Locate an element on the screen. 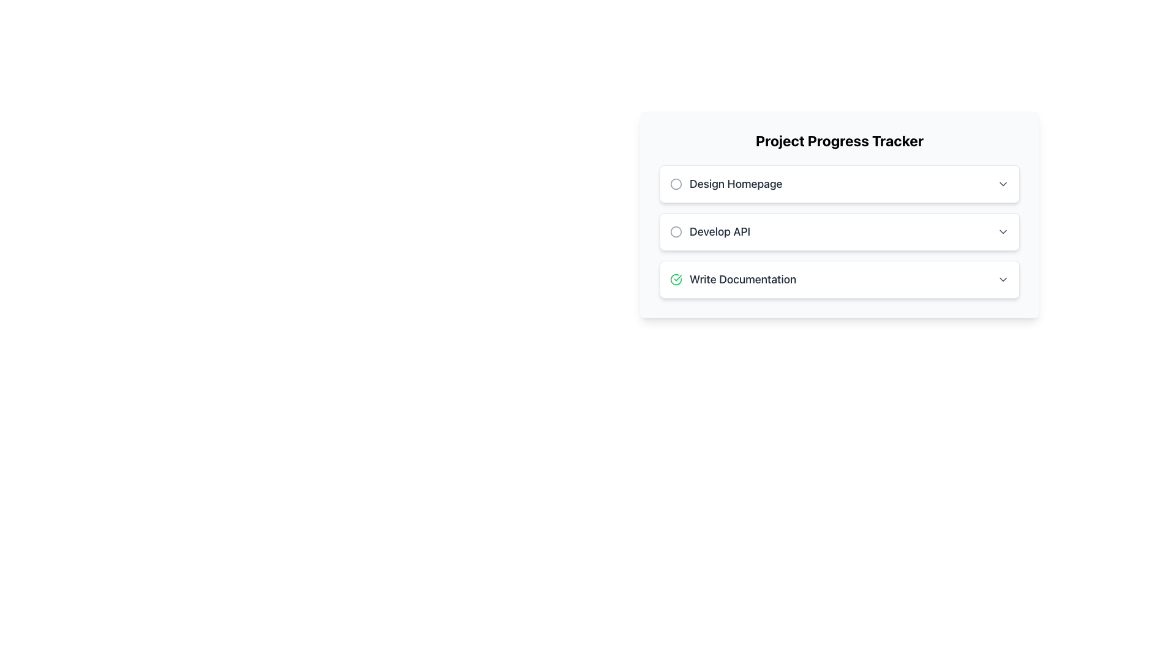 This screenshot has height=661, width=1176. the Dropdown Toggle Icon, which is a downward arrow icon located to the right of the text 'Write Documentation', to provide visual feedback is located at coordinates (1003, 279).